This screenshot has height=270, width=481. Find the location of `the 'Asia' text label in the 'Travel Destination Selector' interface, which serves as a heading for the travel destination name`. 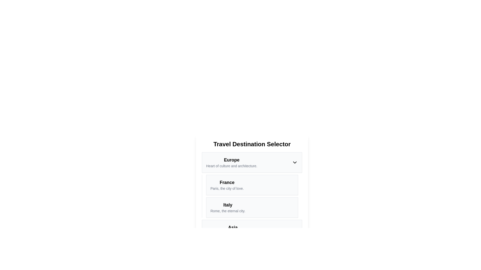

the 'Asia' text label in the 'Travel Destination Selector' interface, which serves as a heading for the travel destination name is located at coordinates (232, 227).